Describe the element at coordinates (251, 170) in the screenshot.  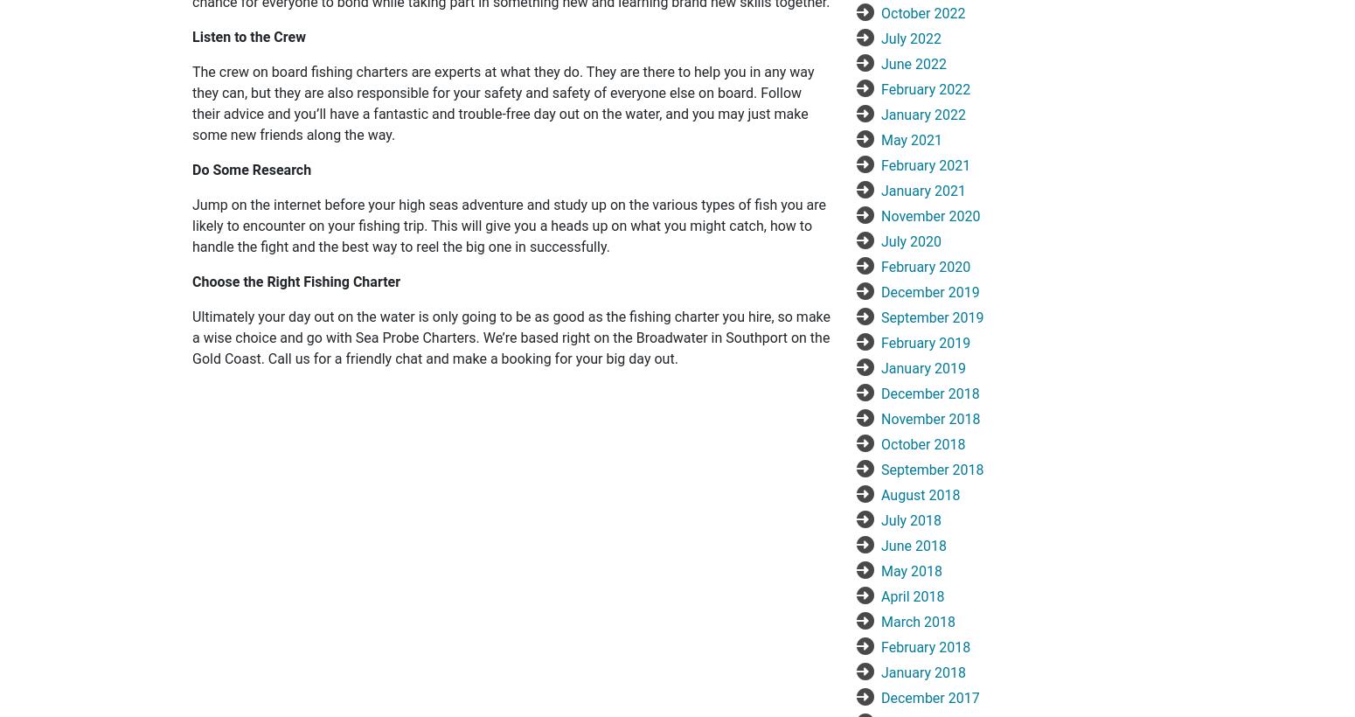
I see `'Do Some Research'` at that location.